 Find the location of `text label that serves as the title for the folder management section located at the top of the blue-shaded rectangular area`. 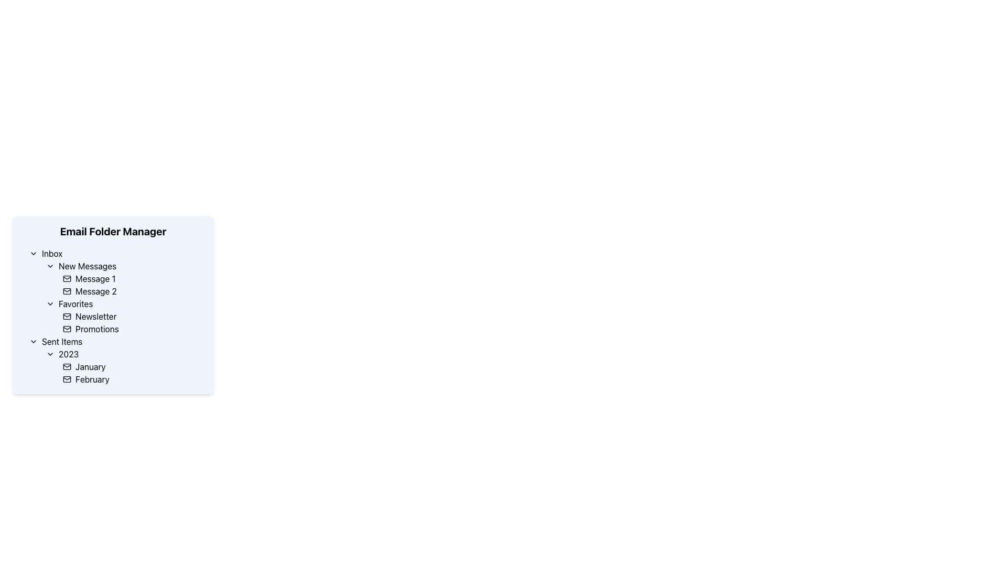

text label that serves as the title for the folder management section located at the top of the blue-shaded rectangular area is located at coordinates (113, 231).